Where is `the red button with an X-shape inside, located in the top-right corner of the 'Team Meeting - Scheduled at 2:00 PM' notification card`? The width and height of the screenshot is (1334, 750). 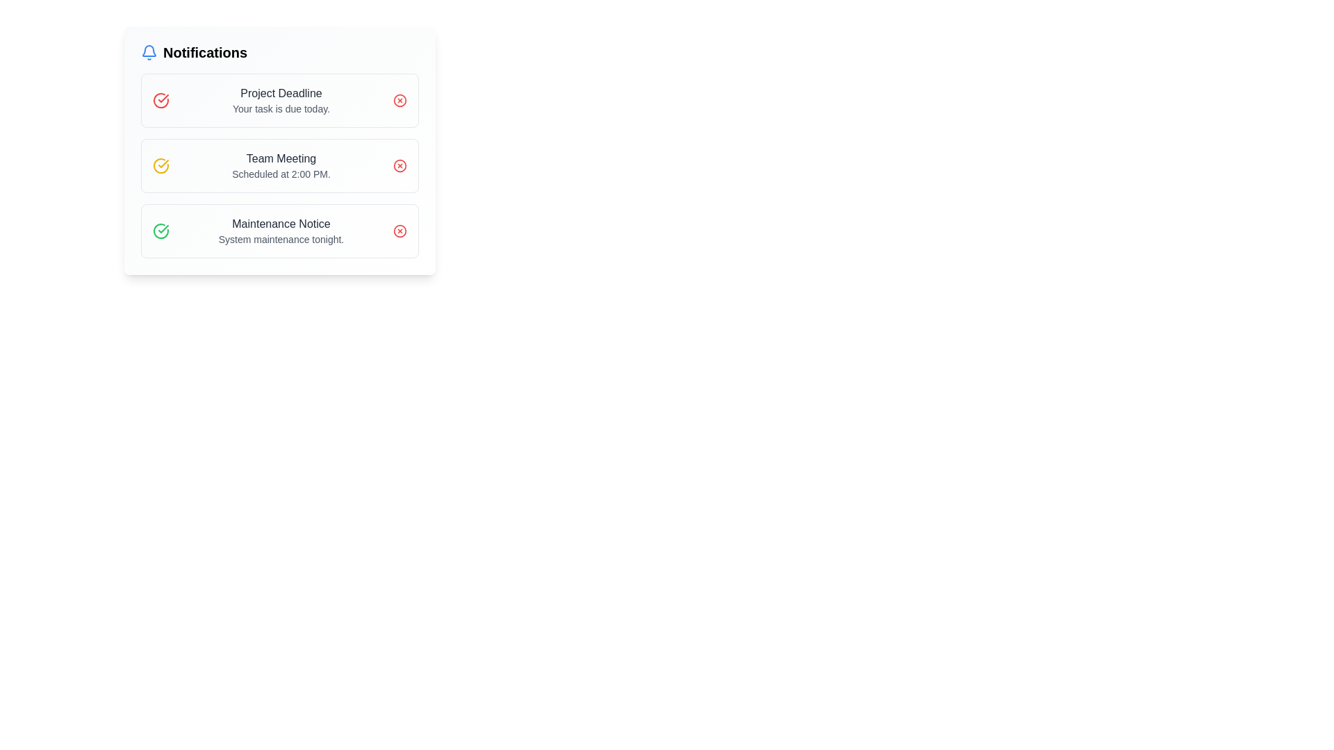
the red button with an X-shape inside, located in the top-right corner of the 'Team Meeting - Scheduled at 2:00 PM' notification card is located at coordinates (400, 165).